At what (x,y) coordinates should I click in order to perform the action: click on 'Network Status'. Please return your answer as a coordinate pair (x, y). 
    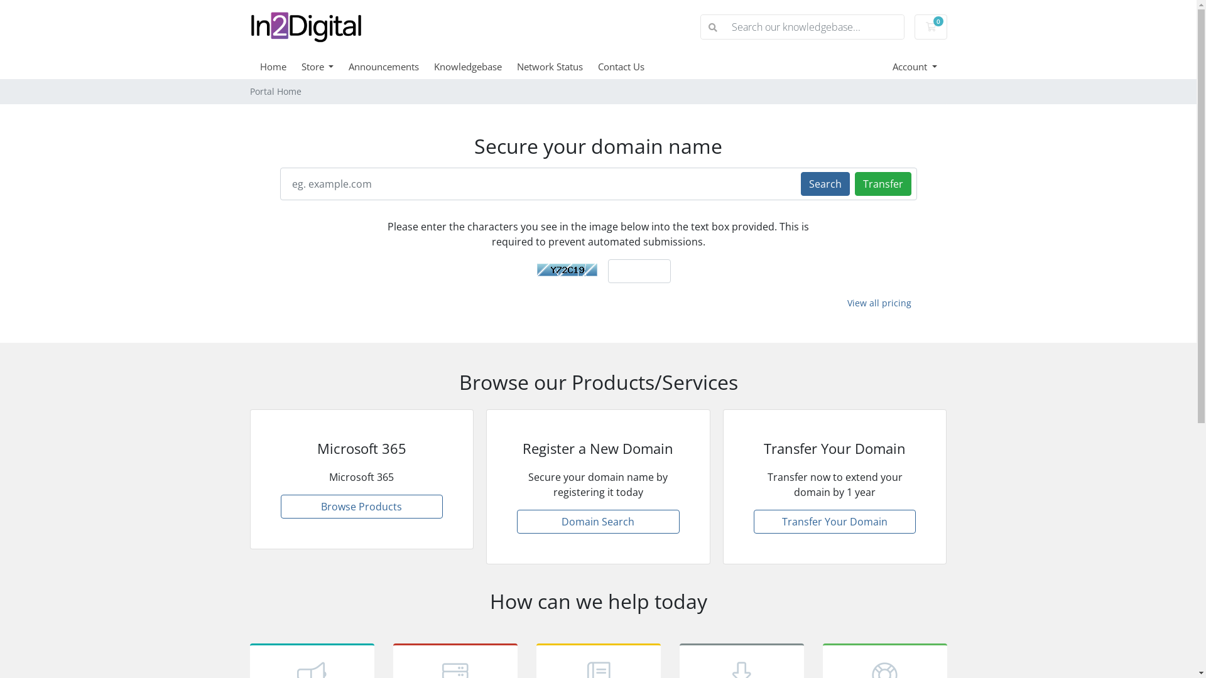
    Looking at the image, I should click on (557, 66).